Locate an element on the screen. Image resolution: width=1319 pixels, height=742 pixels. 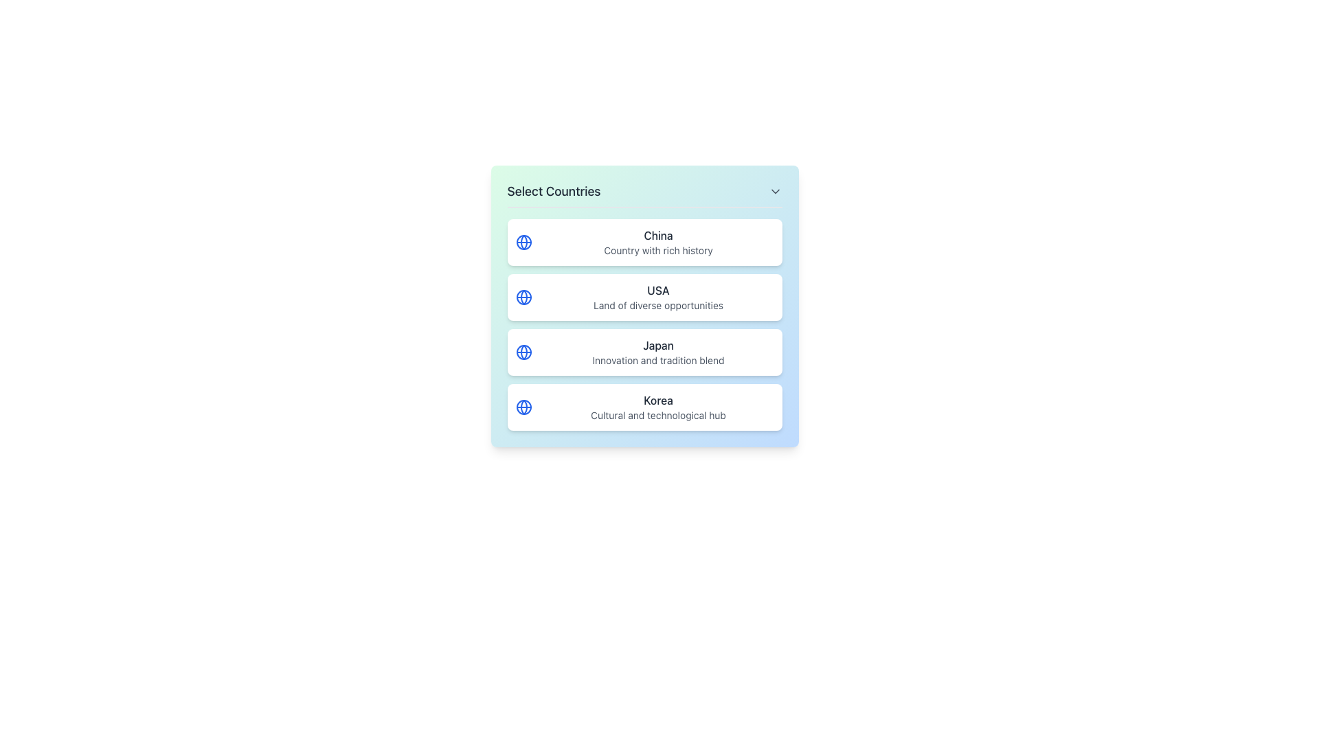
the globe icon with a blue outline, located in the third row of country cards, adjacent to the text 'Japan - Innovation and tradition blend' is located at coordinates (523, 352).